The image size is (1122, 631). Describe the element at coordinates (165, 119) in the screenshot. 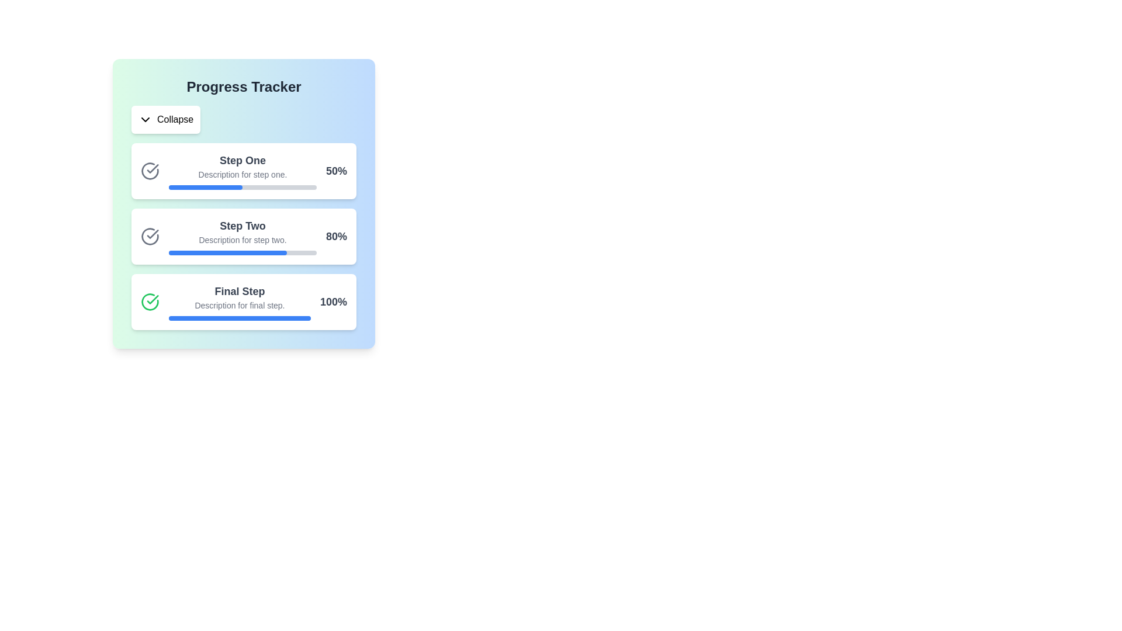

I see `the toggle button for the progress tracker to provide visual feedback before interacting with it` at that location.